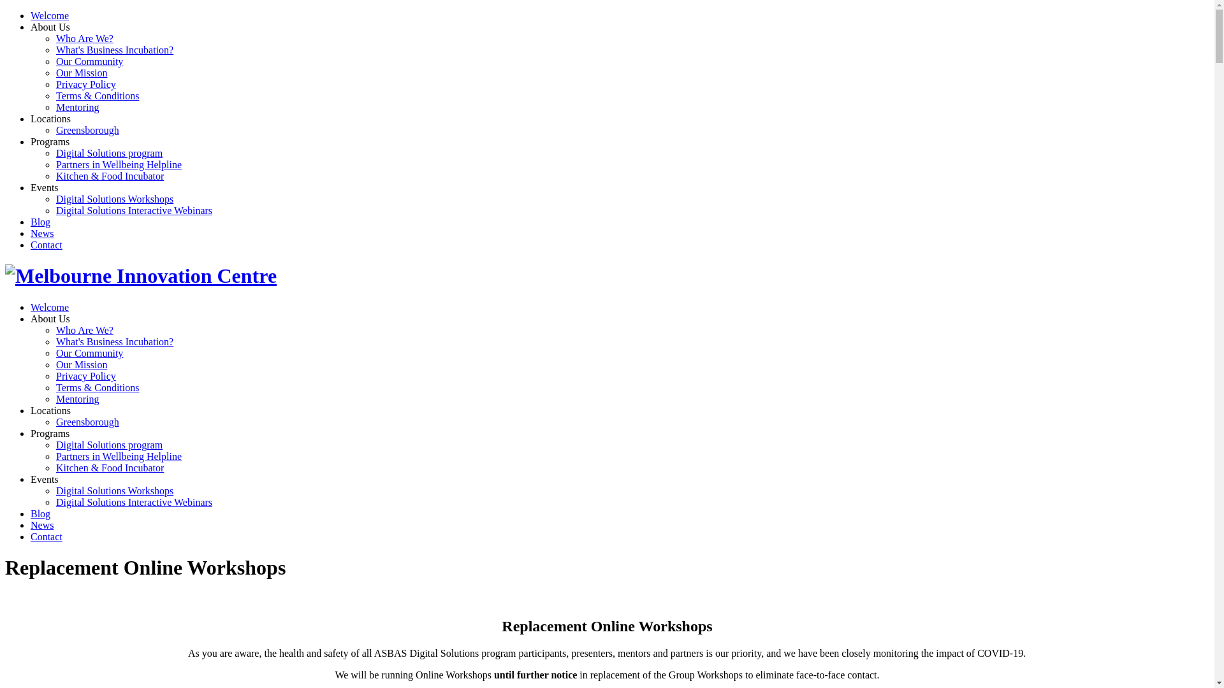 The image size is (1224, 688). Describe the element at coordinates (85, 84) in the screenshot. I see `'Privacy Policy'` at that location.